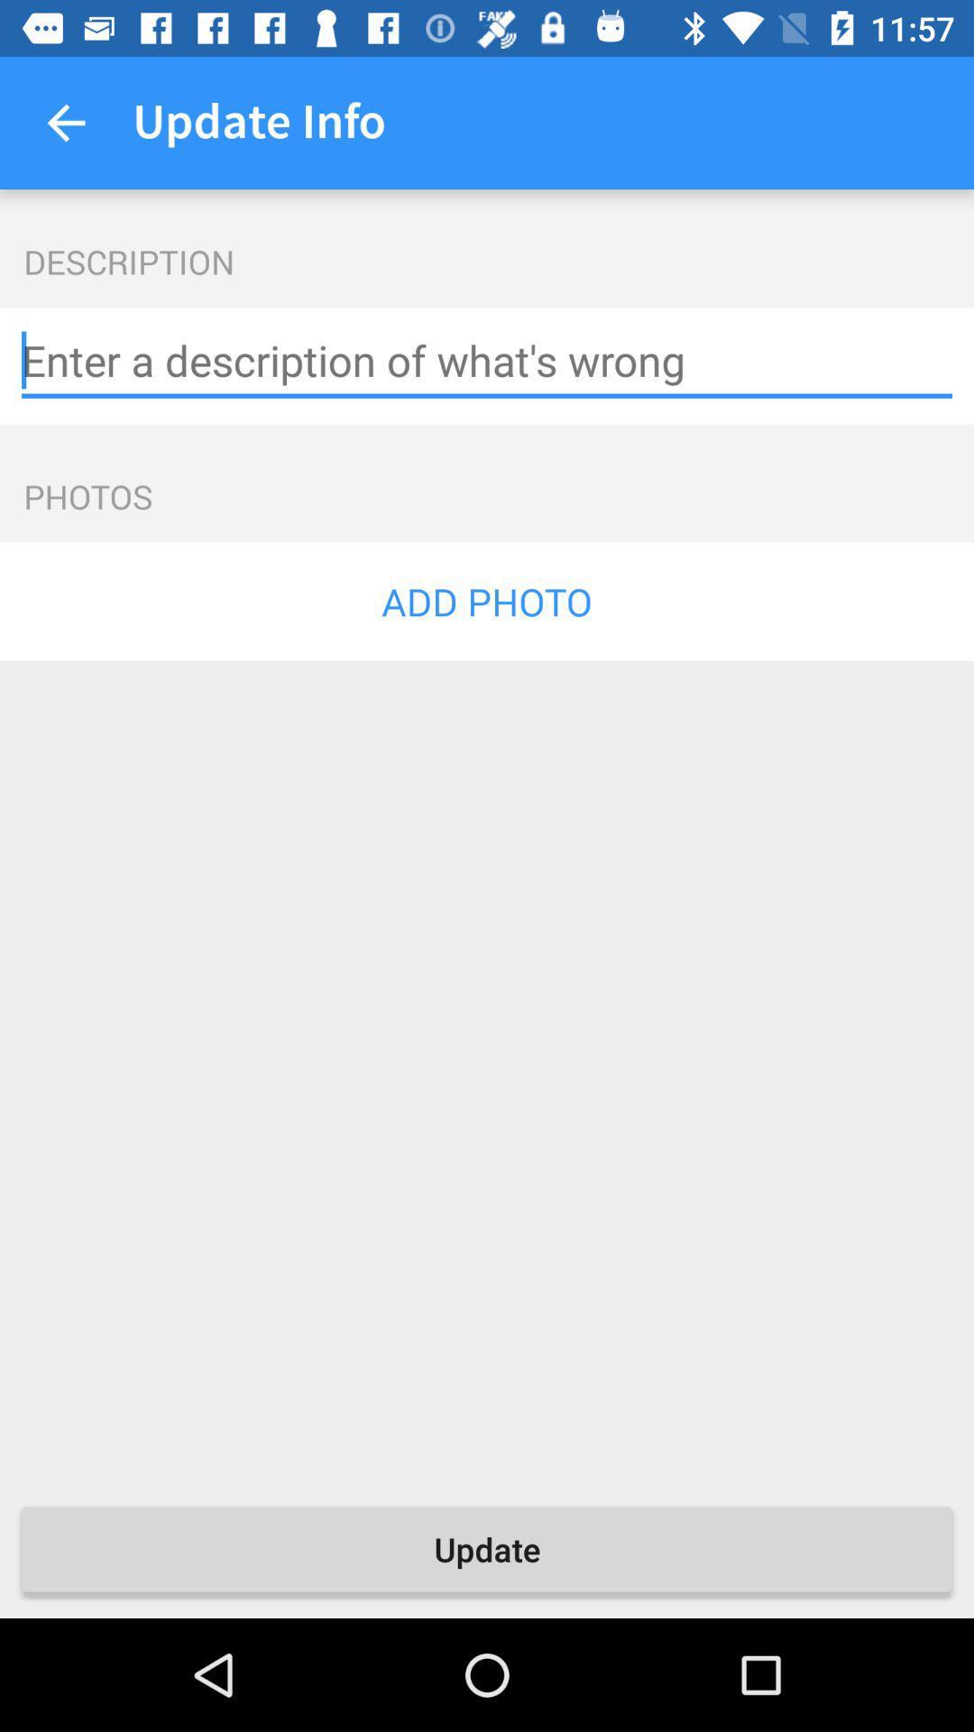 This screenshot has height=1732, width=974. Describe the element at coordinates (65, 122) in the screenshot. I see `icon next to update info item` at that location.